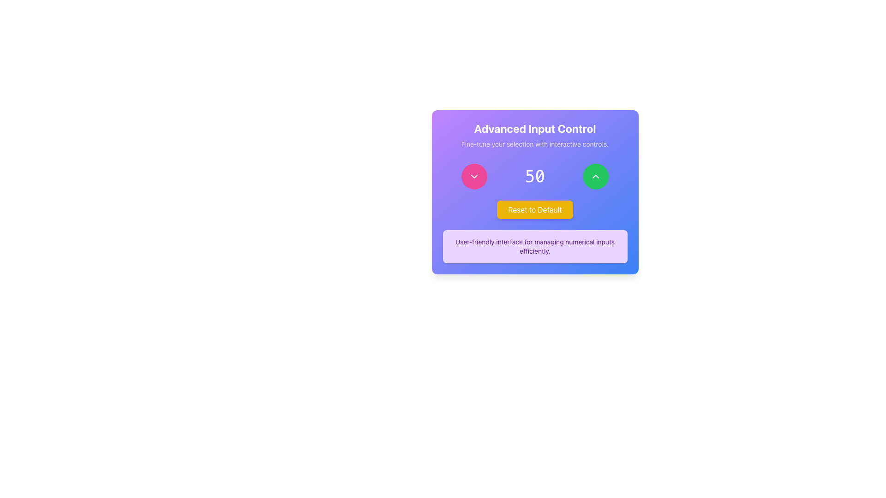 The width and height of the screenshot is (886, 498). Describe the element at coordinates (535, 246) in the screenshot. I see `the text label with the purple font color that displays 'User-friendly interface for managing numerical inputs efficiently.' This text is located within a light purple rounded background at the bottom of the card titled 'Advanced Input Control.'` at that location.